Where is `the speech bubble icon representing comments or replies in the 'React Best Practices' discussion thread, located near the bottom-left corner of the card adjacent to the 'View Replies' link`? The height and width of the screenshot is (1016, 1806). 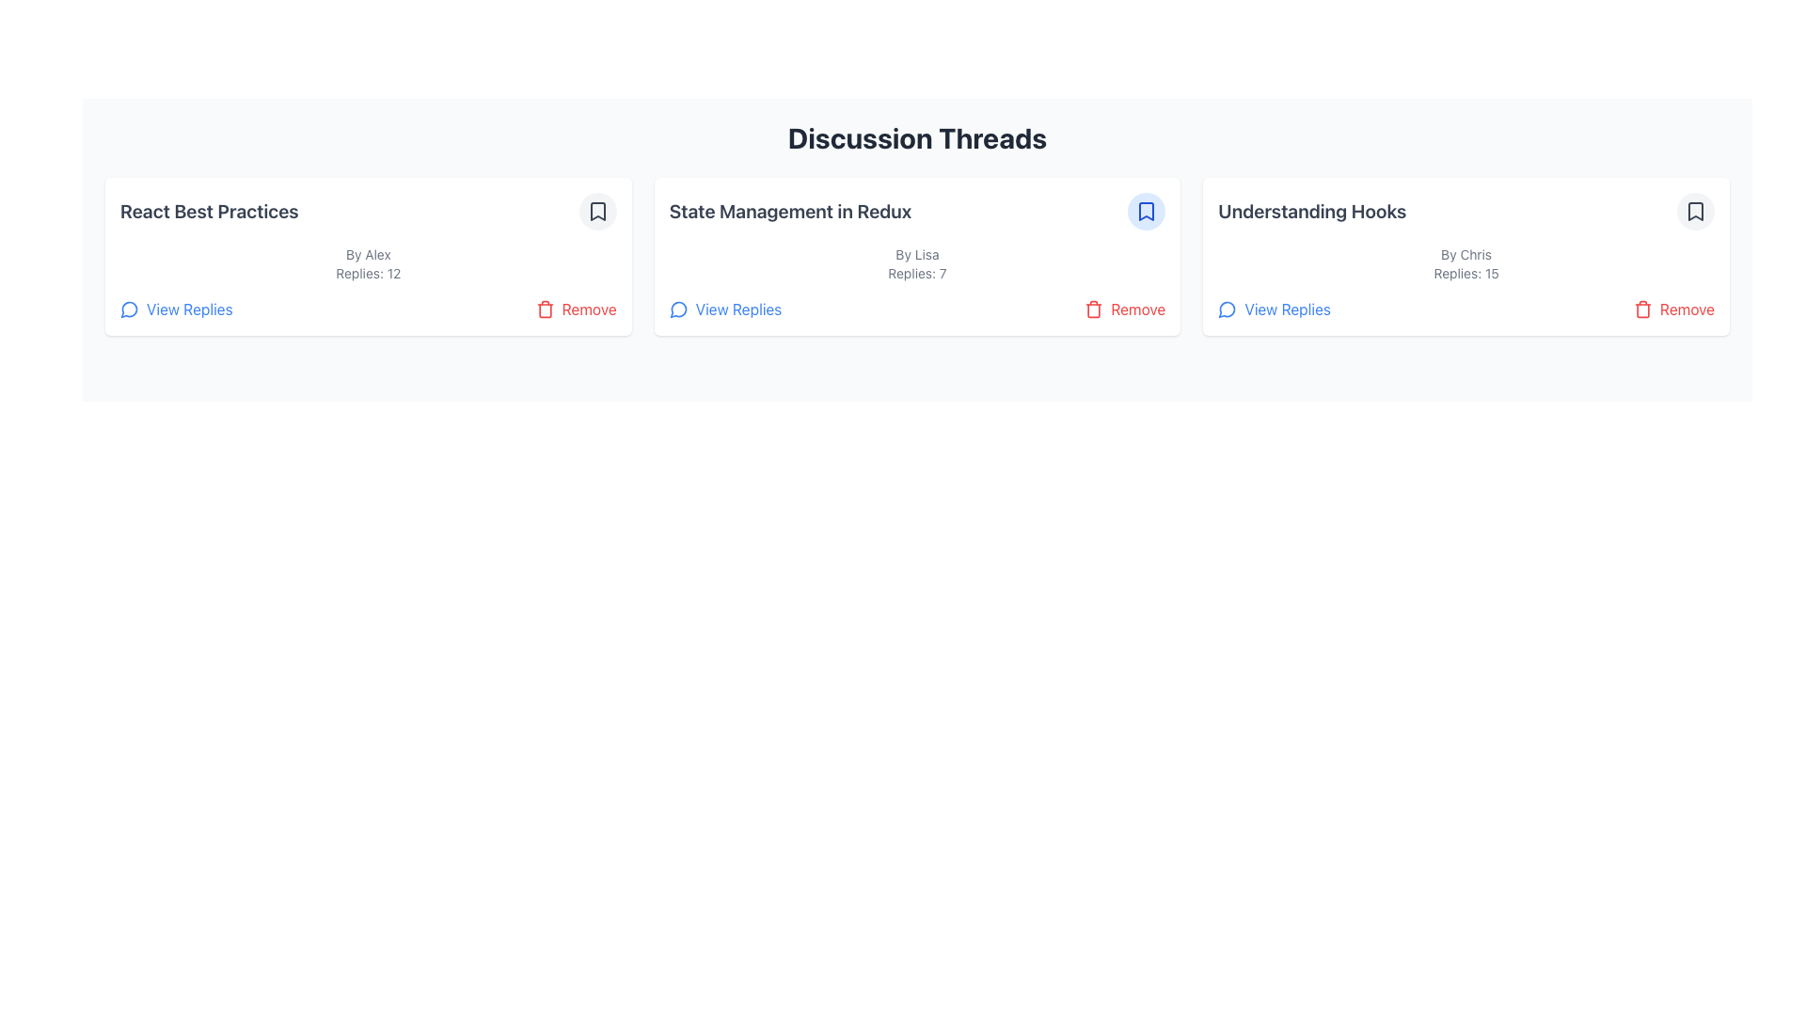 the speech bubble icon representing comments or replies in the 'React Best Practices' discussion thread, located near the bottom-left corner of the card adjacent to the 'View Replies' link is located at coordinates (1227, 309).